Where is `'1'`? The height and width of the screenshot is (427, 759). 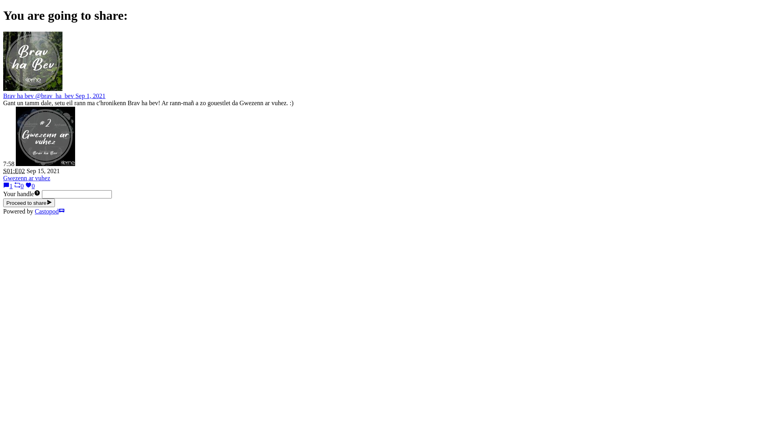
'1' is located at coordinates (8, 186).